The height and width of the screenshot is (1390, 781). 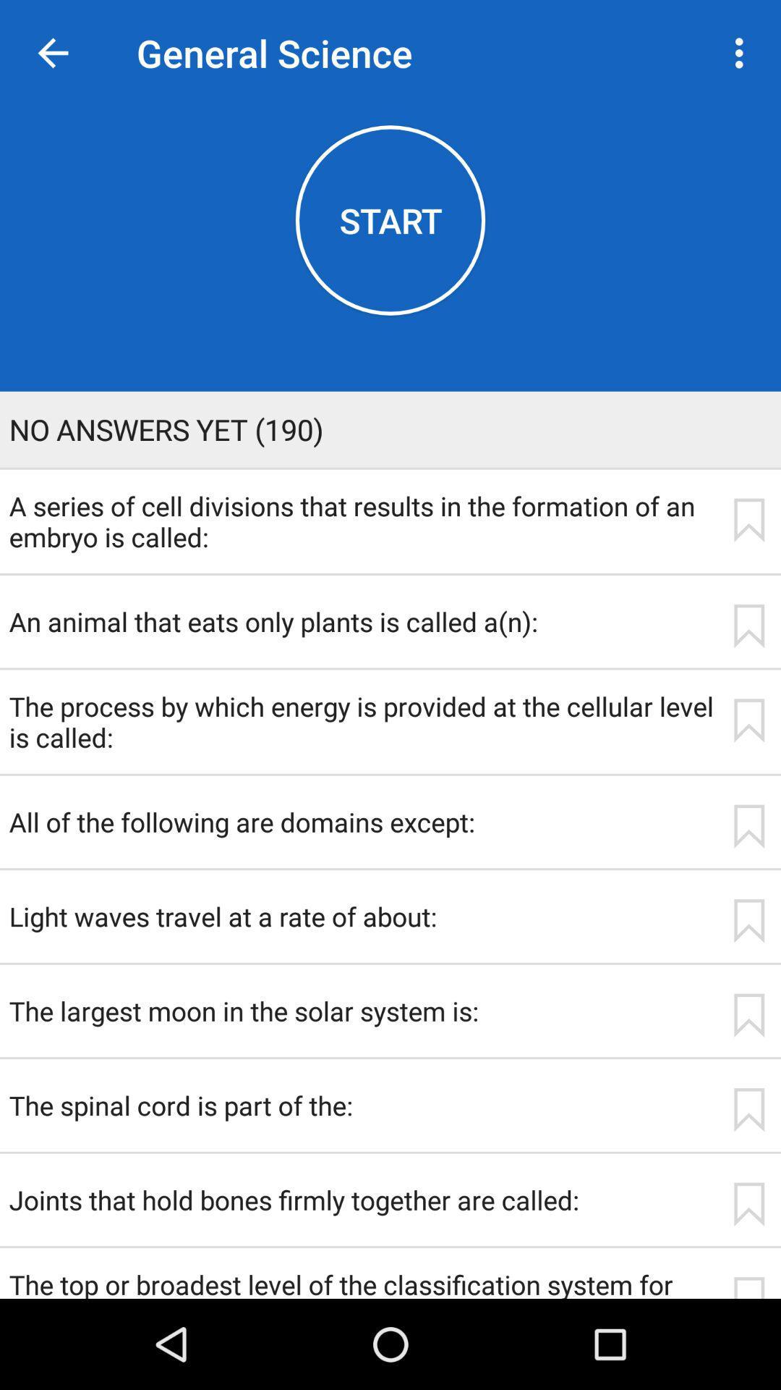 I want to click on the item next to the joints that hold app, so click(x=748, y=1204).